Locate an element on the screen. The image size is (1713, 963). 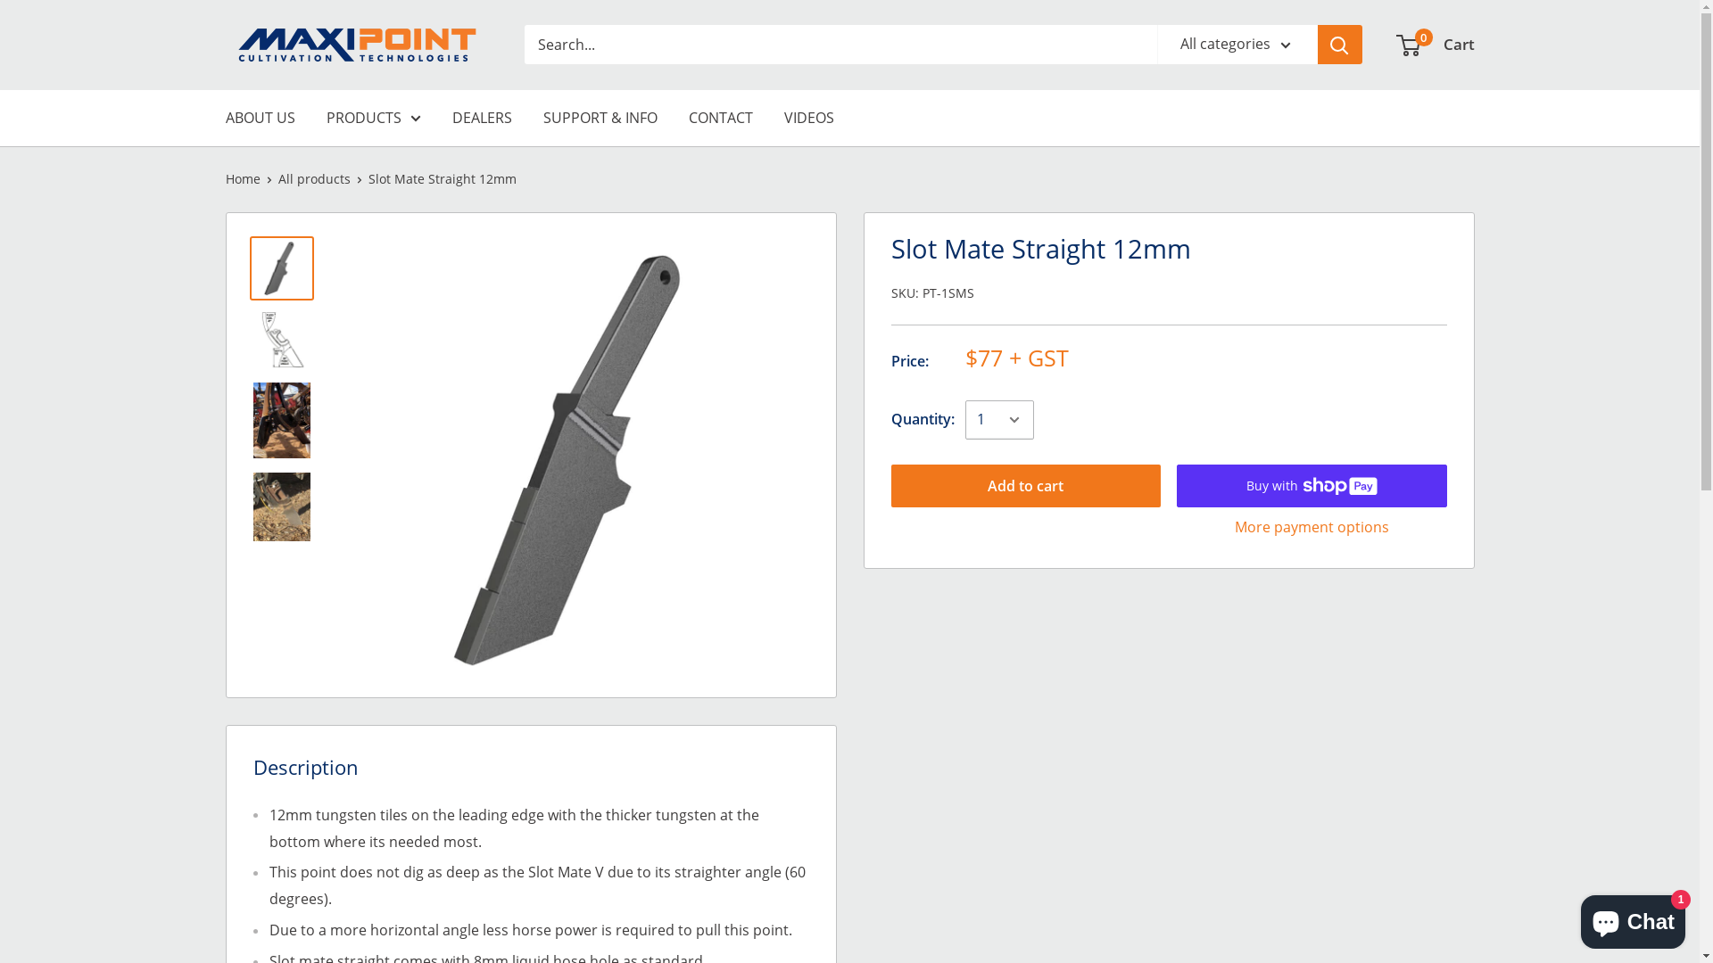
'SUPPORT & INFO' is located at coordinates (600, 118).